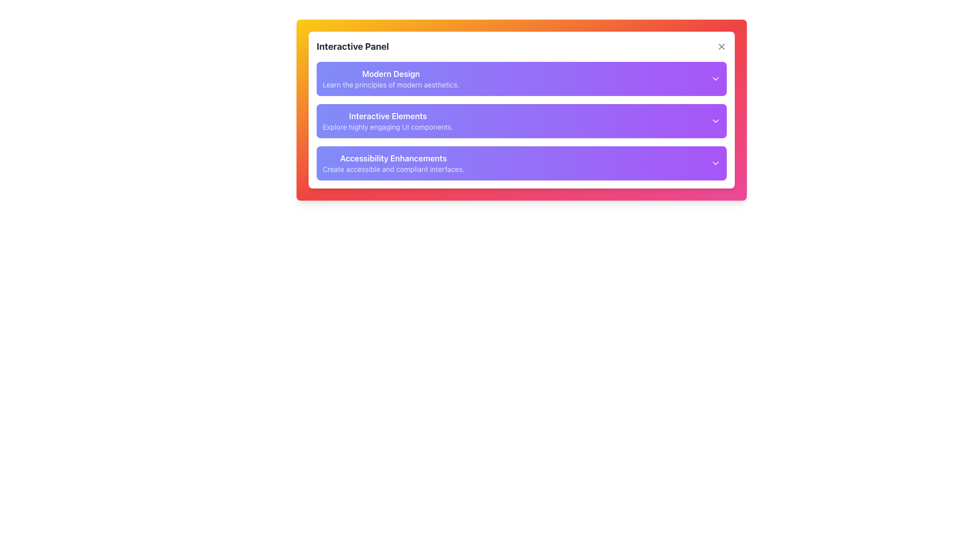 This screenshot has width=965, height=543. Describe the element at coordinates (715, 162) in the screenshot. I see `the Chevron Icon at the right end of the 'Accessibility Enhancements' section's title bar` at that location.